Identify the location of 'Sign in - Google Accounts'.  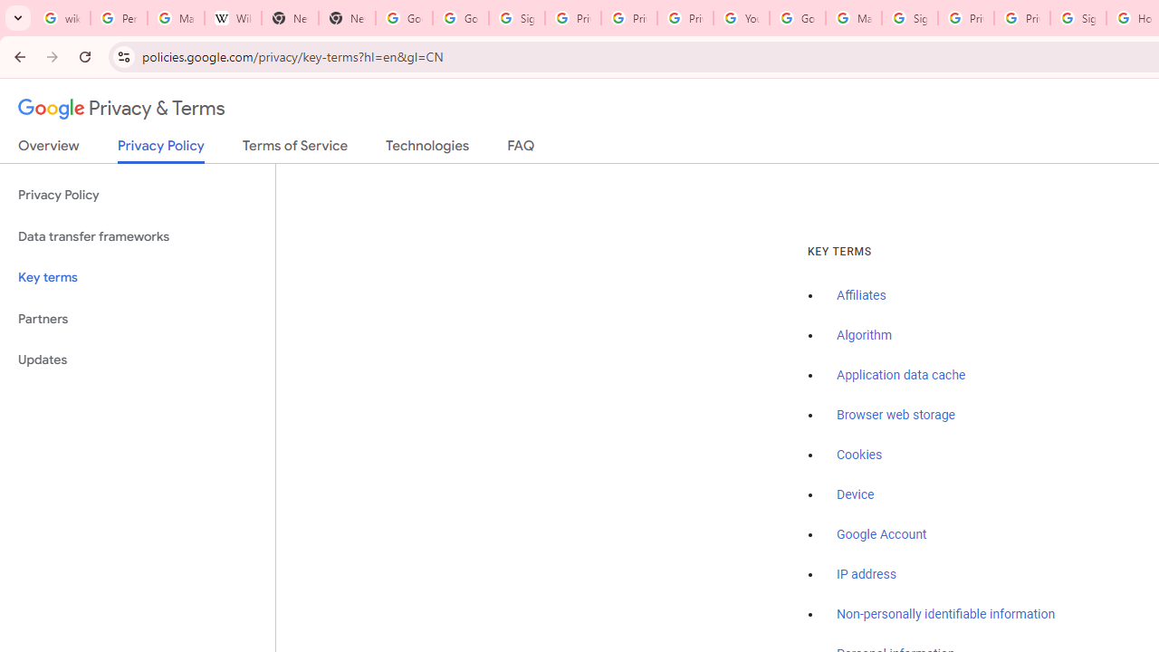
(909, 18).